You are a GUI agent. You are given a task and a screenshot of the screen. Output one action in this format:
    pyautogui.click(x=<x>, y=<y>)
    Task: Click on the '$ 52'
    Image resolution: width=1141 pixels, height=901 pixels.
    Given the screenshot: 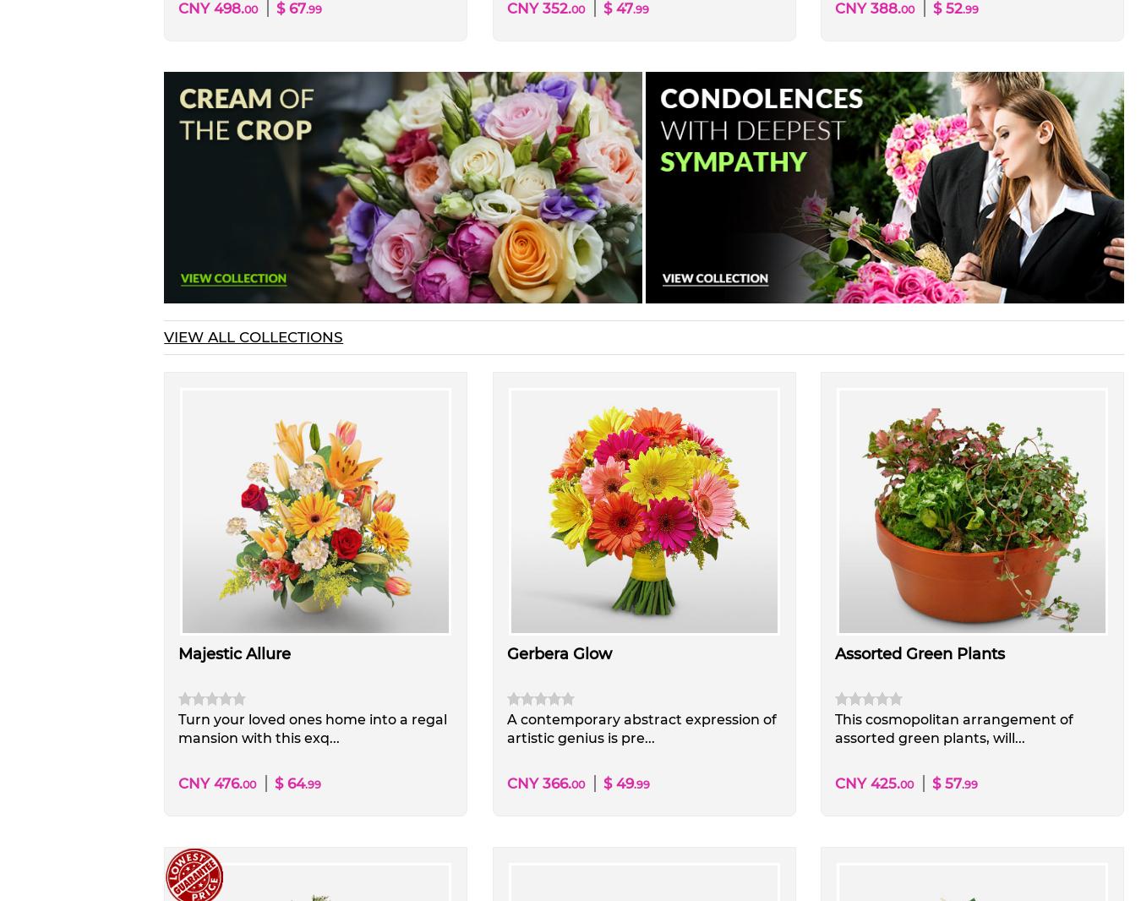 What is the action you would take?
    pyautogui.click(x=947, y=8)
    